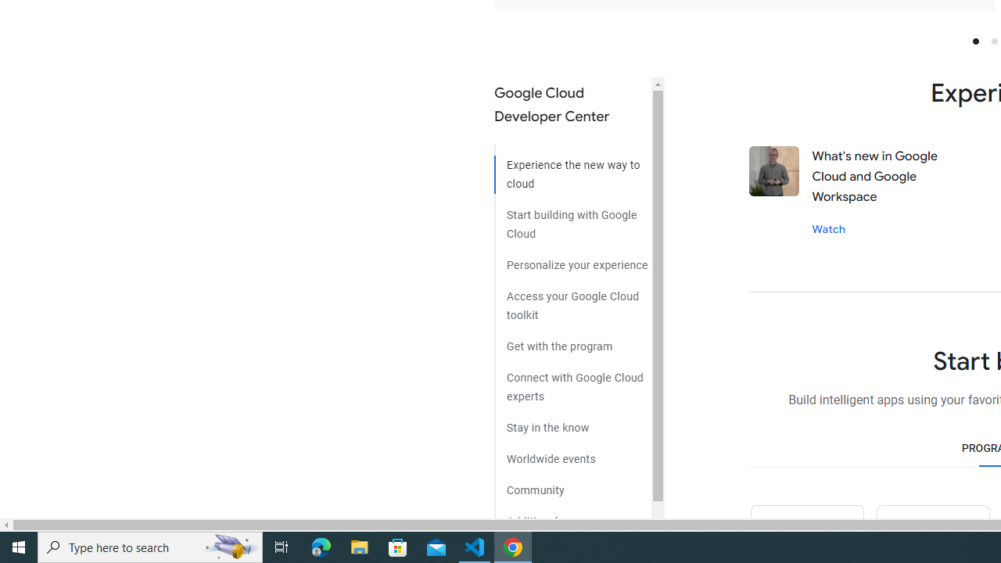  What do you see at coordinates (572, 483) in the screenshot?
I see `'Community'` at bounding box center [572, 483].